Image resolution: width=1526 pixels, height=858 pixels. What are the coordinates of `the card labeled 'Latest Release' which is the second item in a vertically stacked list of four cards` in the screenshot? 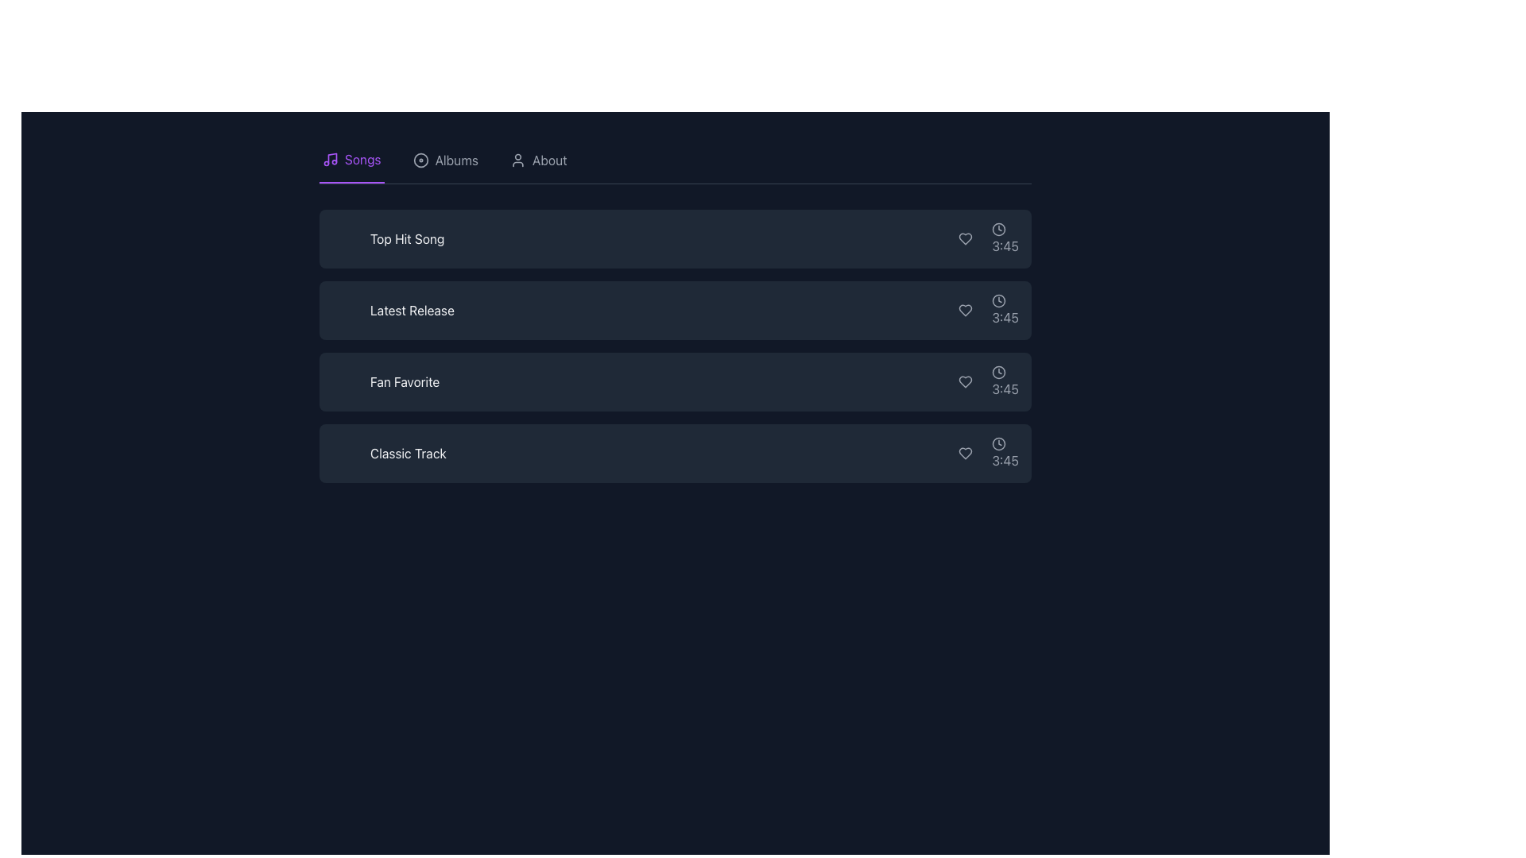 It's located at (675, 310).